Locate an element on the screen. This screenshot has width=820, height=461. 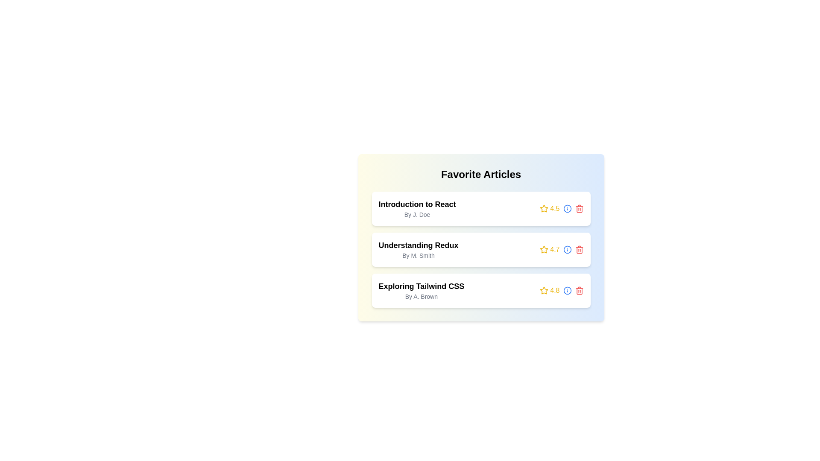
the article title to select or highlight it. The parameter Introduction to React specifies the title of the article to interact with is located at coordinates (417, 204).